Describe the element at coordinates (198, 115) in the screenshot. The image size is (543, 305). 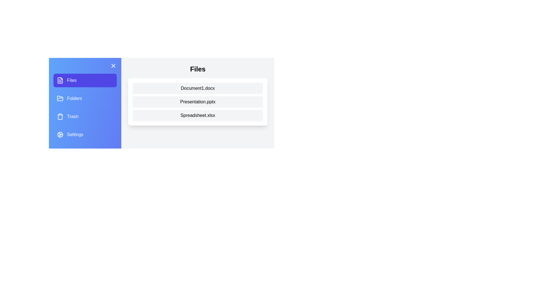
I see `the file named Spreadsheet.xlsx from the file list` at that location.